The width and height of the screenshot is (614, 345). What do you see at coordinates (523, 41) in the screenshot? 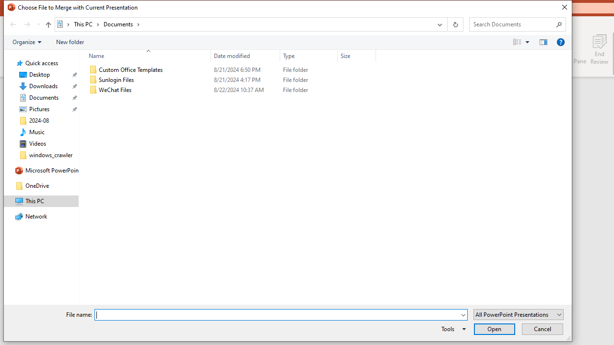
I see `'Views'` at bounding box center [523, 41].